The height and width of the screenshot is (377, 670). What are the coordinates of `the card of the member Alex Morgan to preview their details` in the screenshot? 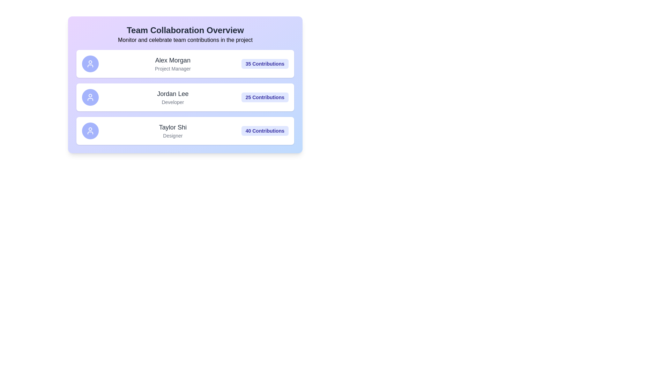 It's located at (185, 64).